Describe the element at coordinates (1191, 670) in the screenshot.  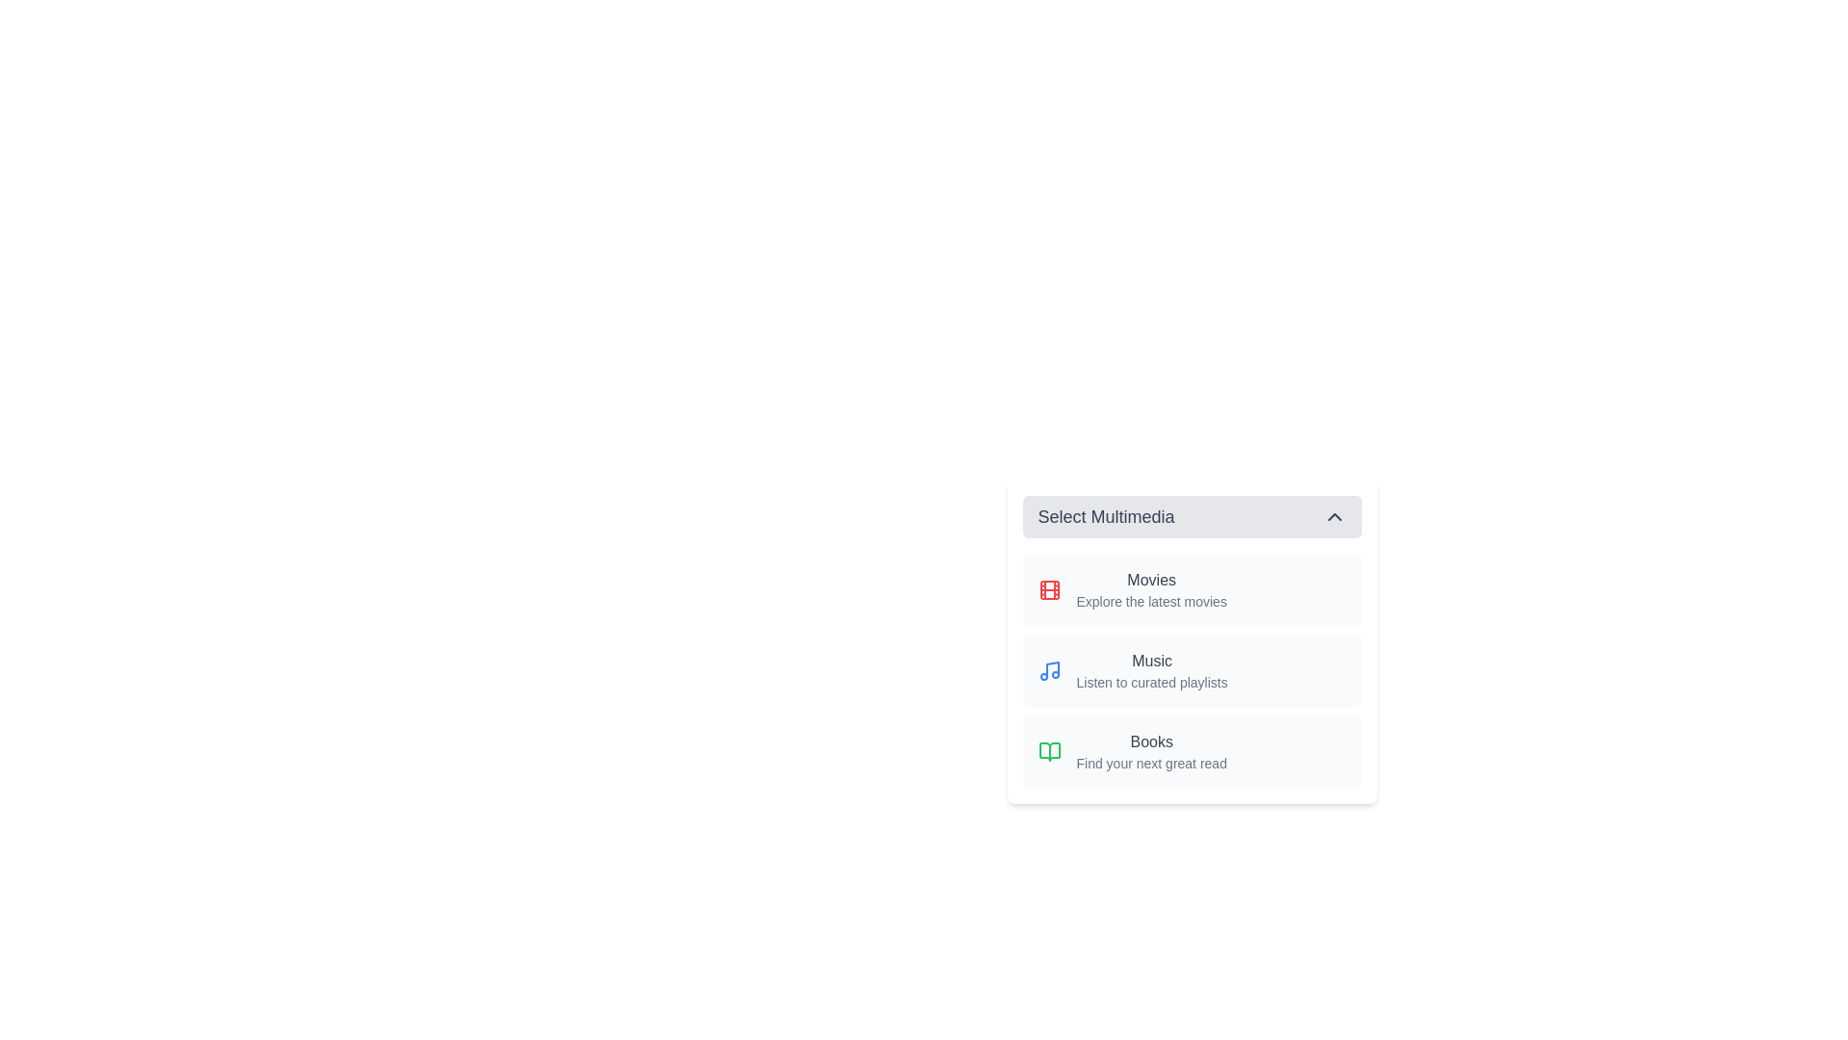
I see `the 'Music' category card located in the vertical list, which is the second card below the title 'Movies' and above 'Books'` at that location.